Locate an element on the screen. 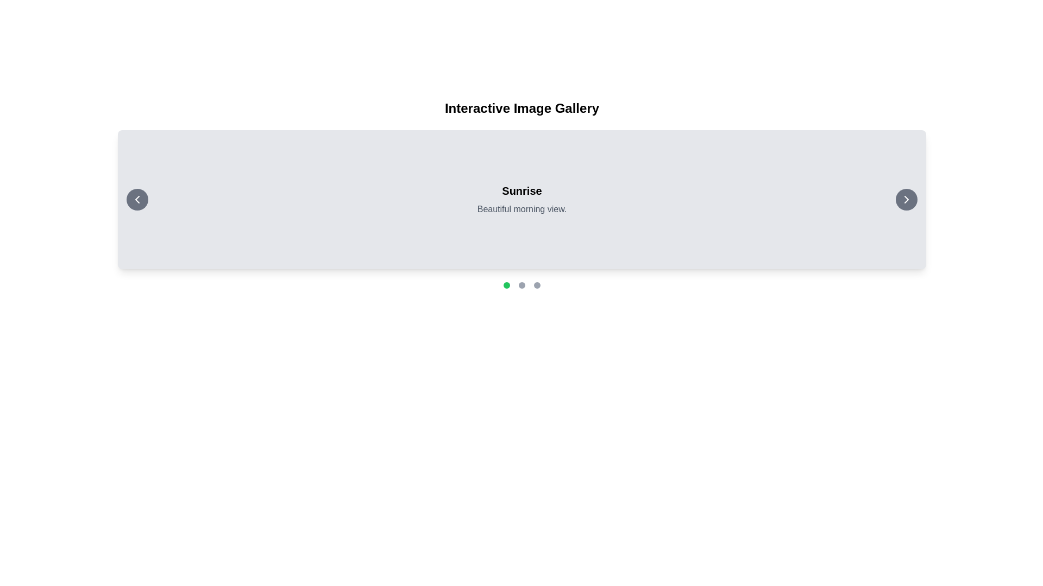 The image size is (1043, 586). the left-pointing arrow icon within the circular button in the left navigation area of the image gallery is located at coordinates (137, 199).